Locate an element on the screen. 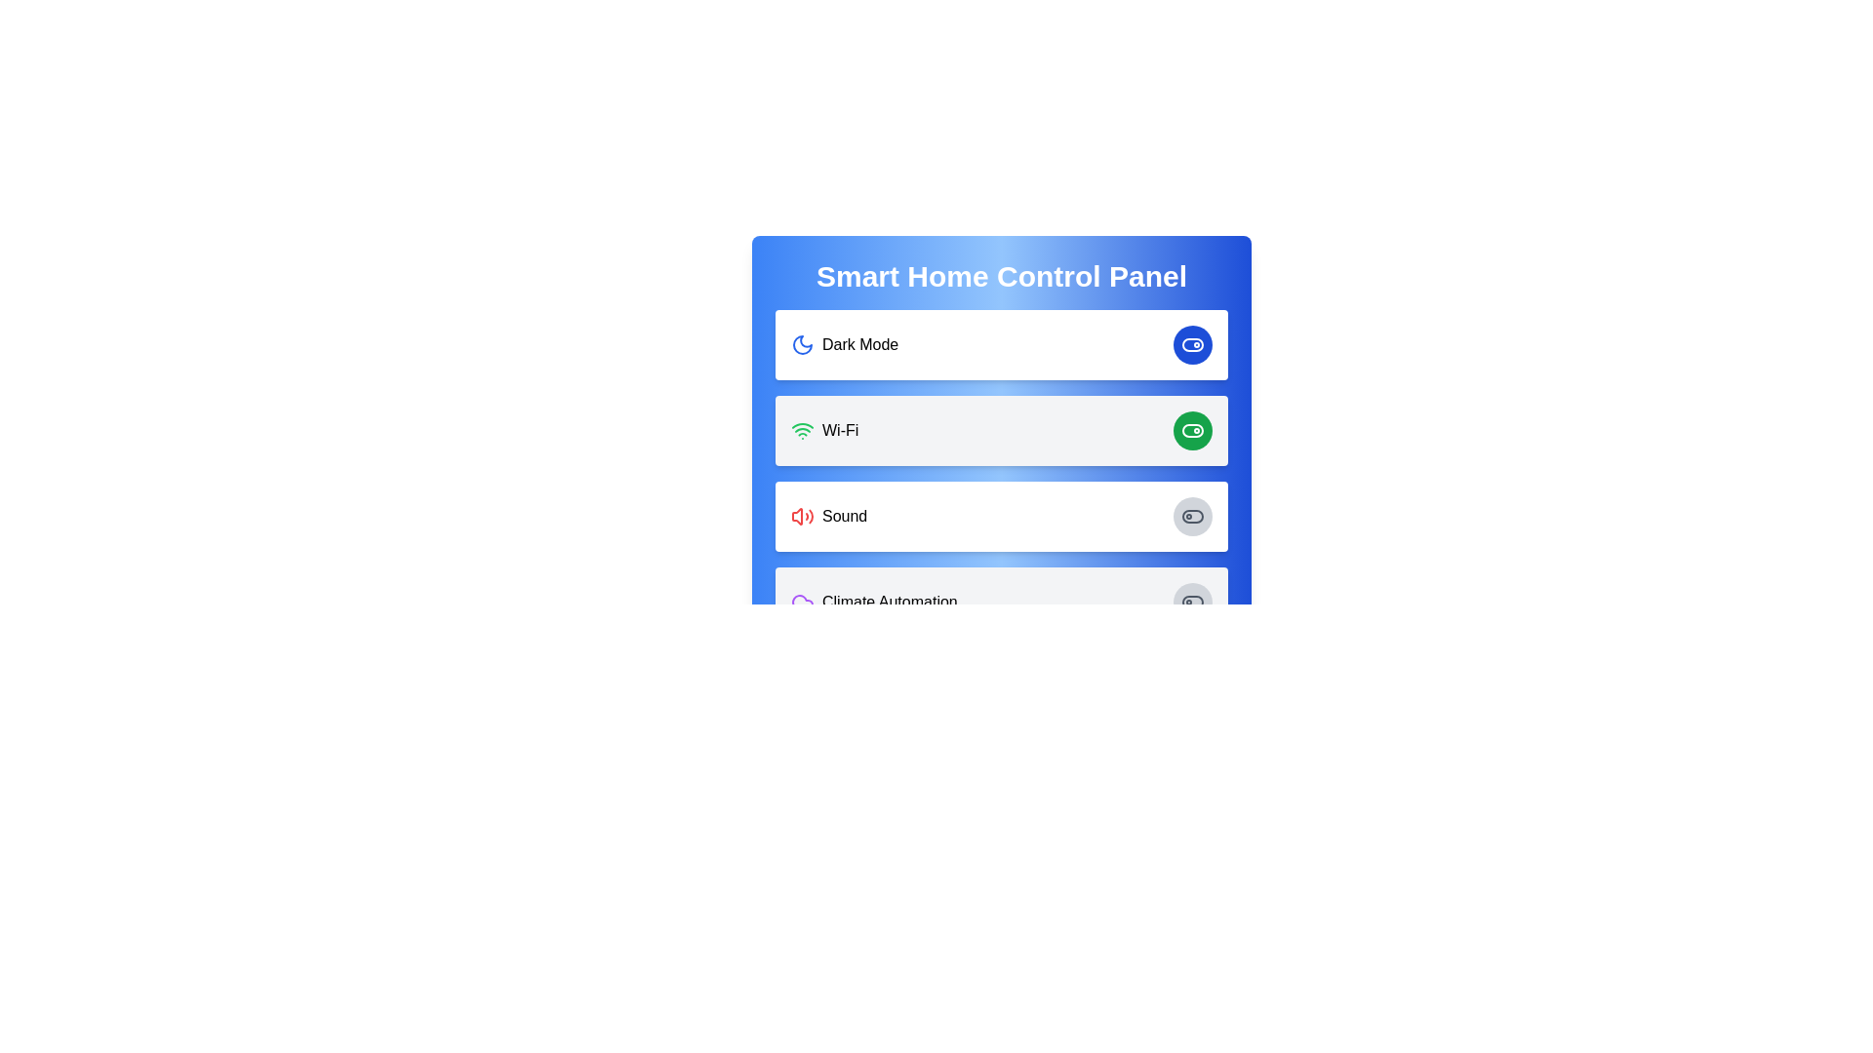  the 'Climate Automation' settings toggle control card is located at coordinates (1002, 601).